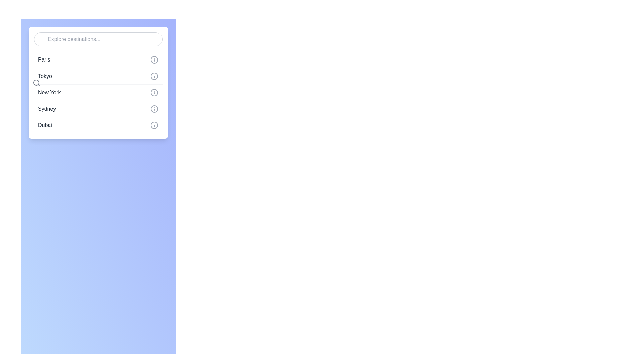  Describe the element at coordinates (98, 108) in the screenshot. I see `the list item for 'Sydney', the fourth item in the list` at that location.